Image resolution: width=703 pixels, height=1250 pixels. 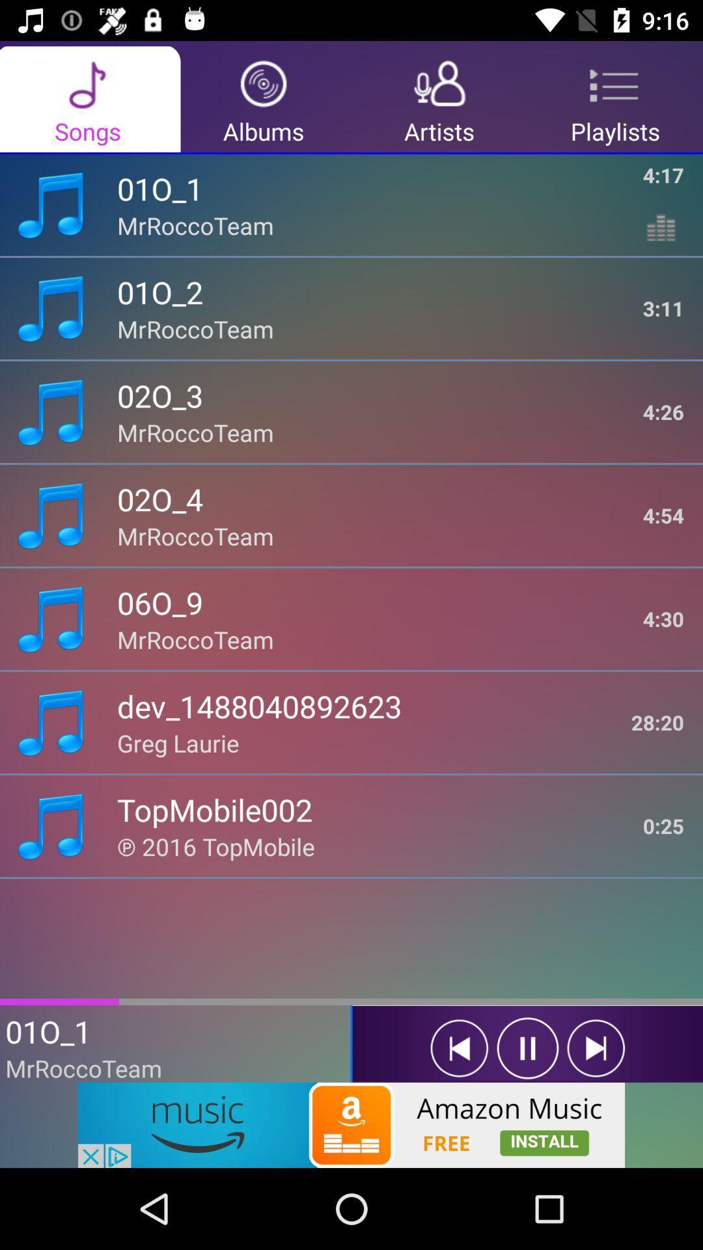 What do you see at coordinates (458, 1048) in the screenshot?
I see `previous` at bounding box center [458, 1048].